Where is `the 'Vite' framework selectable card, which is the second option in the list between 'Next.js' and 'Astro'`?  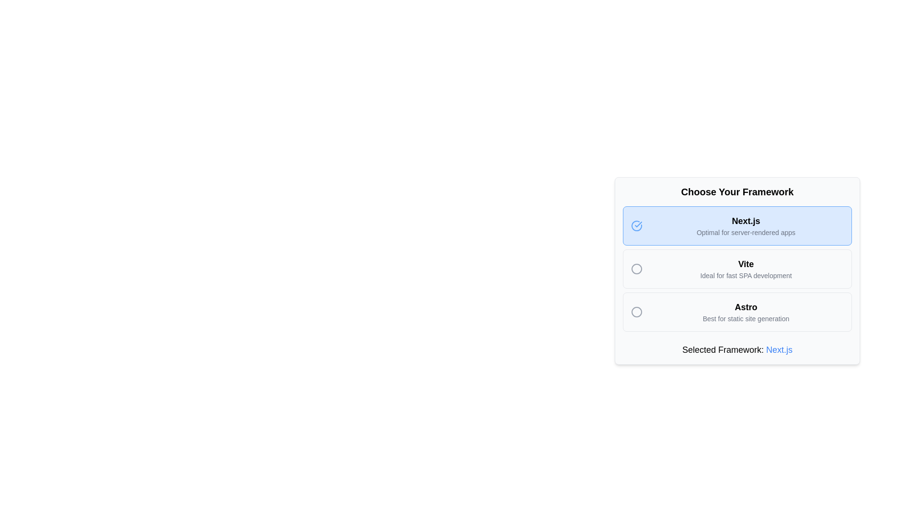
the 'Vite' framework selectable card, which is the second option in the list between 'Next.js' and 'Astro' is located at coordinates (745, 269).